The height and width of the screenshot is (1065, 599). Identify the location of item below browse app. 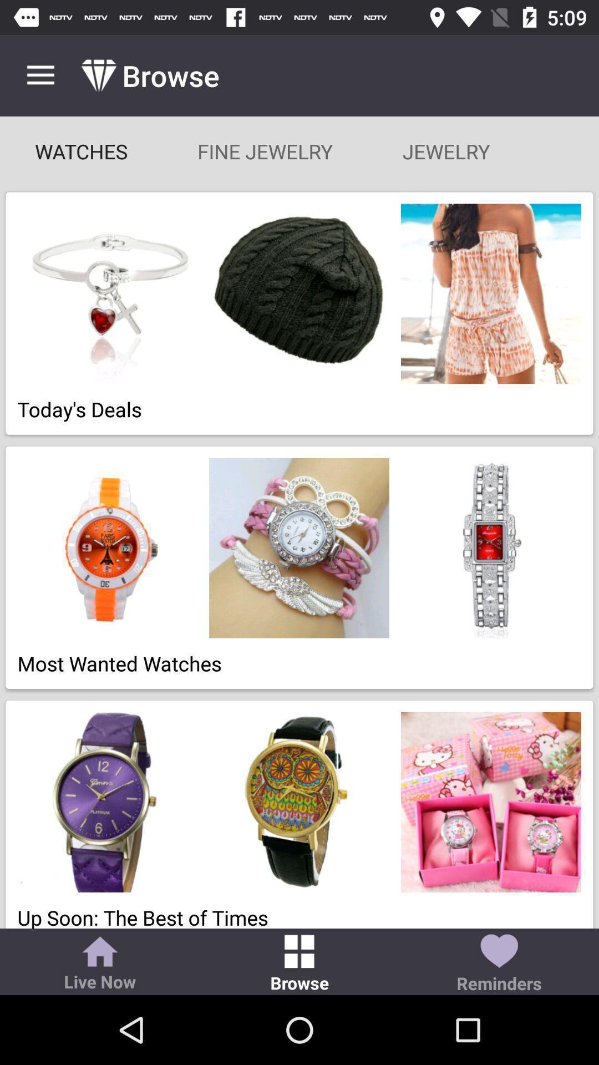
(265, 151).